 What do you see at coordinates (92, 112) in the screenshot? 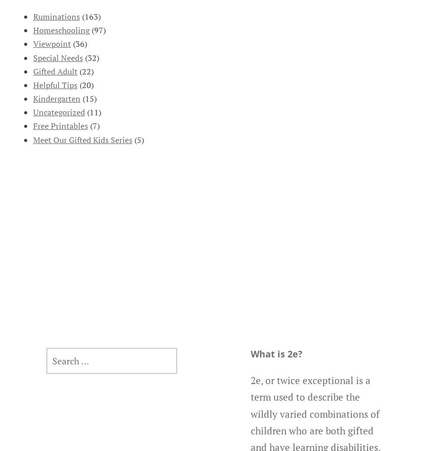
I see `'(11)'` at bounding box center [92, 112].